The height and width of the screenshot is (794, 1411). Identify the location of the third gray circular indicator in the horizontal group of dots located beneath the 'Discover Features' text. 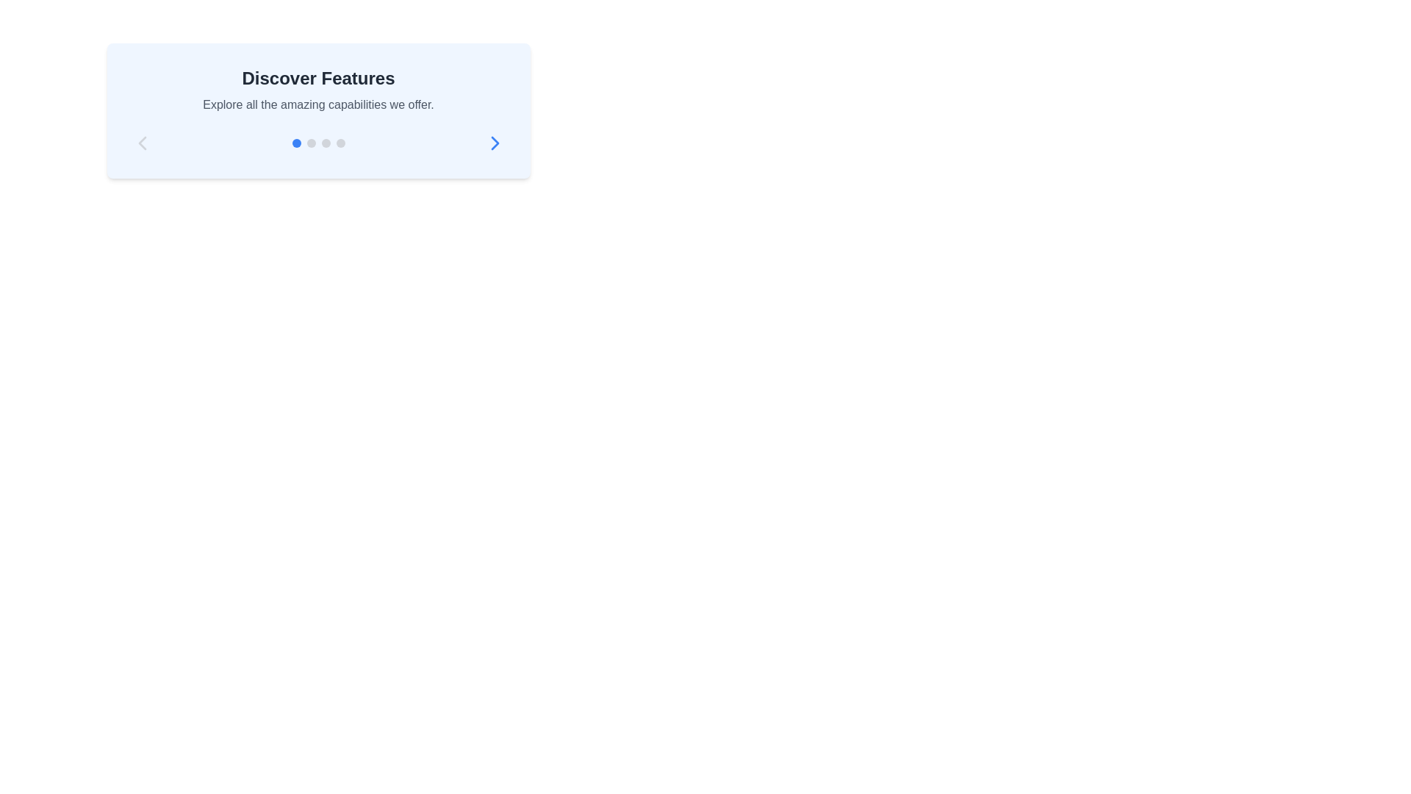
(325, 143).